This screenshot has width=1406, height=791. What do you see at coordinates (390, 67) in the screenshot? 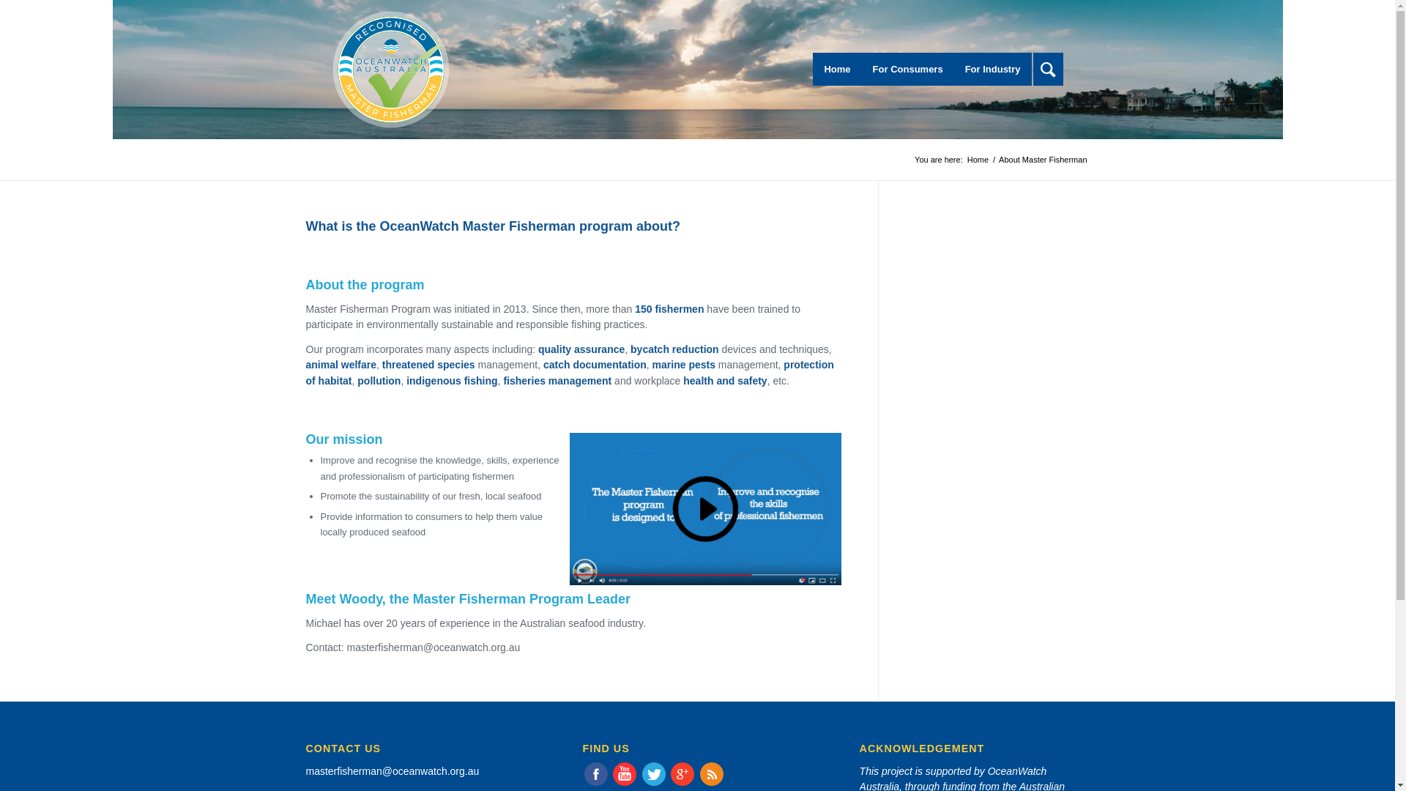
I see `'OceanWatchMasterFishermanLogo'` at bounding box center [390, 67].